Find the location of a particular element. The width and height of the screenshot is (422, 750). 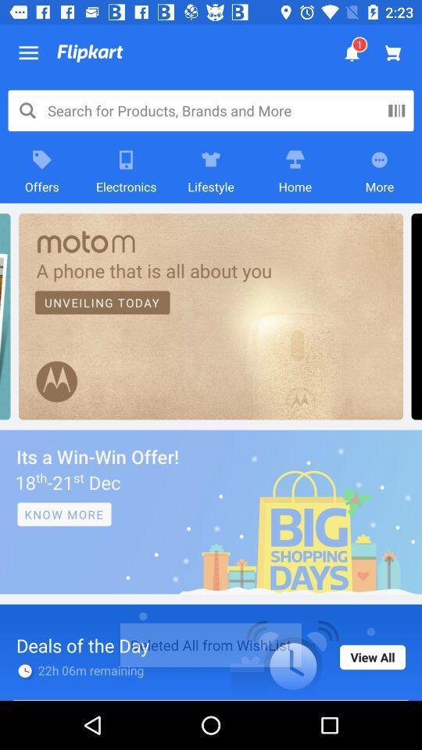

the item above the search for products item is located at coordinates (28, 53).